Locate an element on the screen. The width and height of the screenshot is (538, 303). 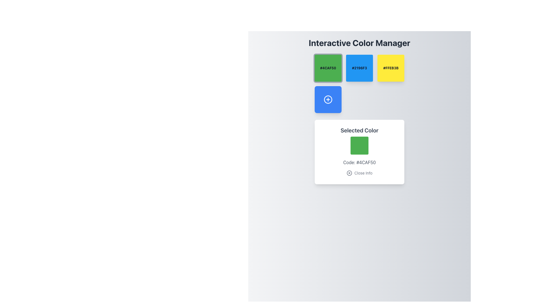
the static text display containing 'Code: #4CAF50', which is styled in gray and positioned below the green color block in the white card is located at coordinates (359, 162).